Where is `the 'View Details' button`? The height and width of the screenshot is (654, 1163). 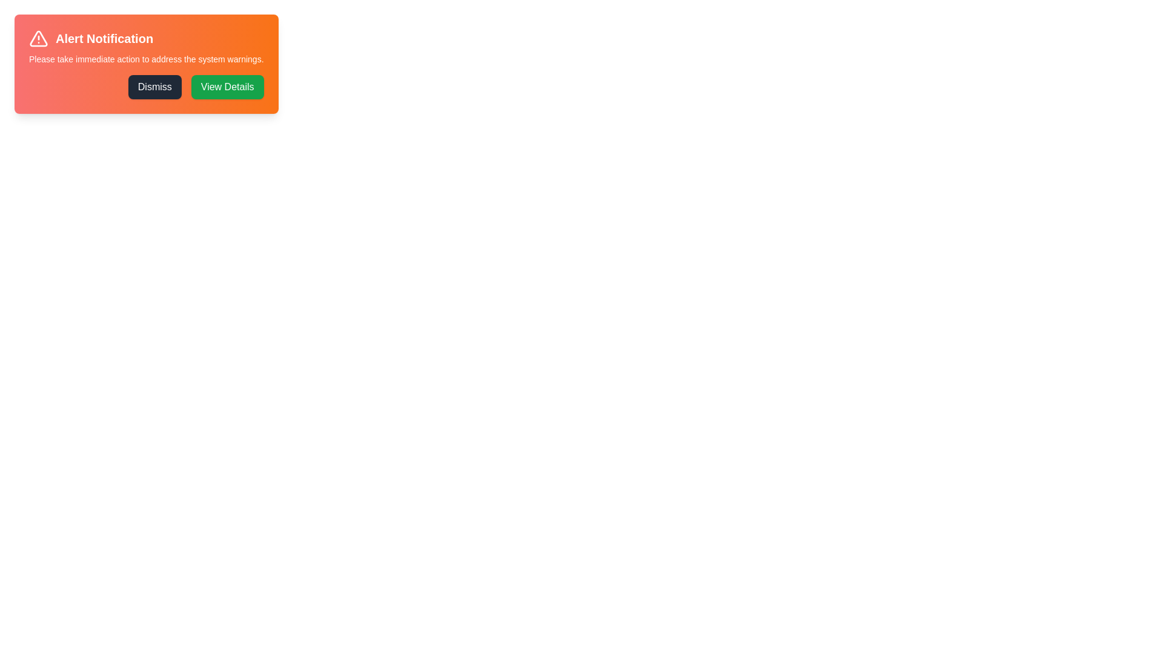 the 'View Details' button is located at coordinates (227, 86).